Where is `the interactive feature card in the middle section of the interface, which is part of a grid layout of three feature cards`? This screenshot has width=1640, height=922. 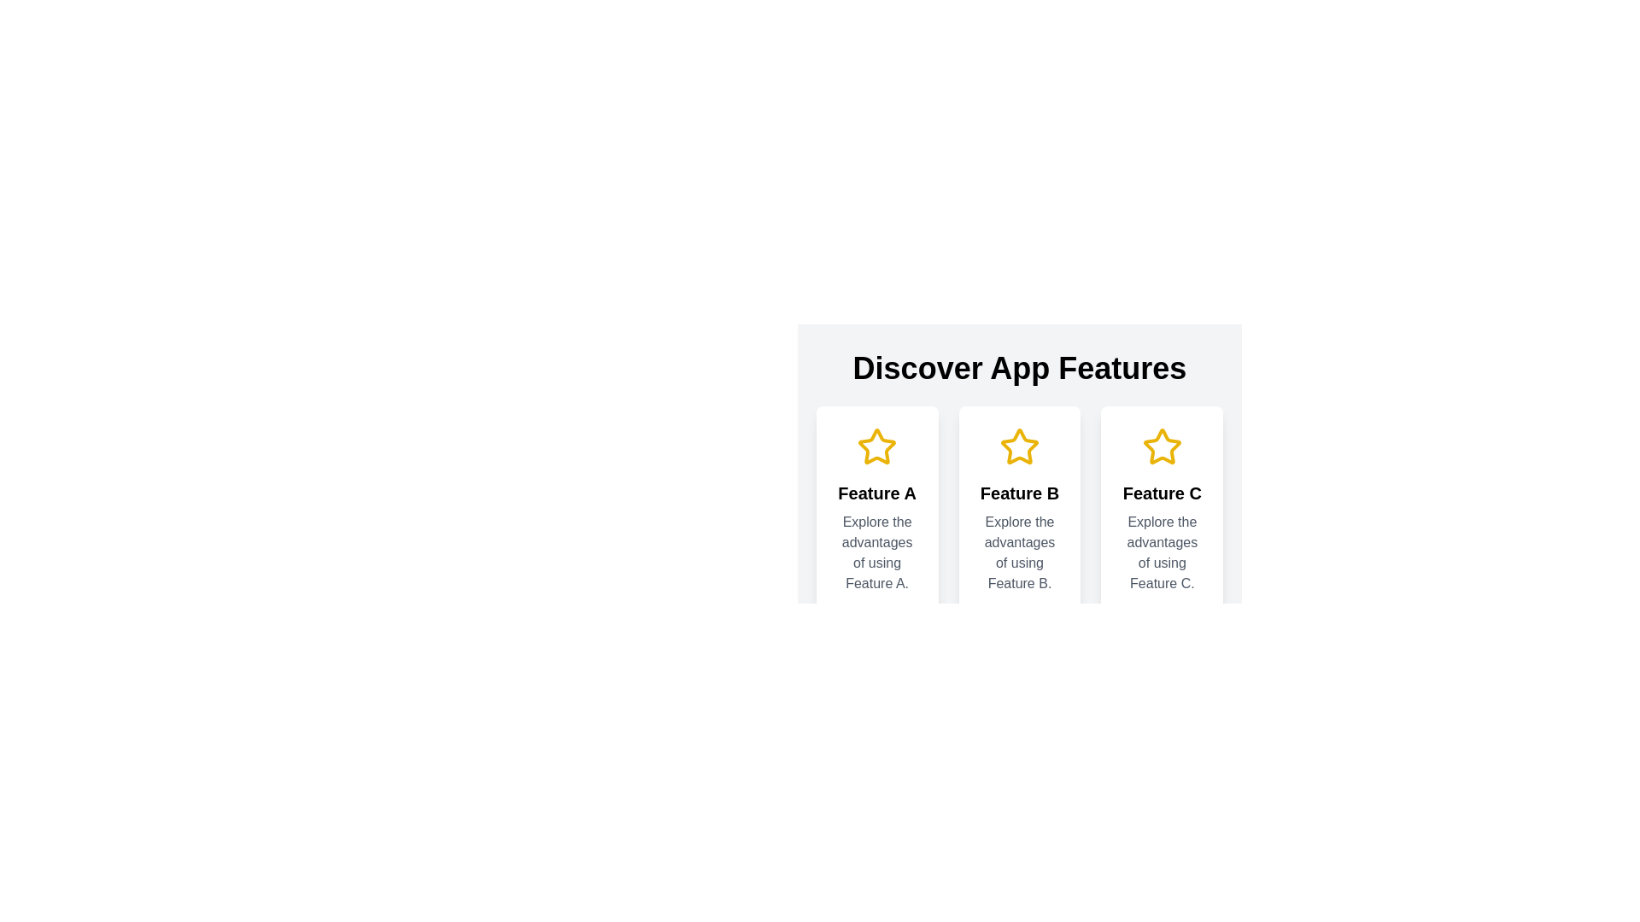 the interactive feature card in the middle section of the interface, which is part of a grid layout of three feature cards is located at coordinates (1020, 509).